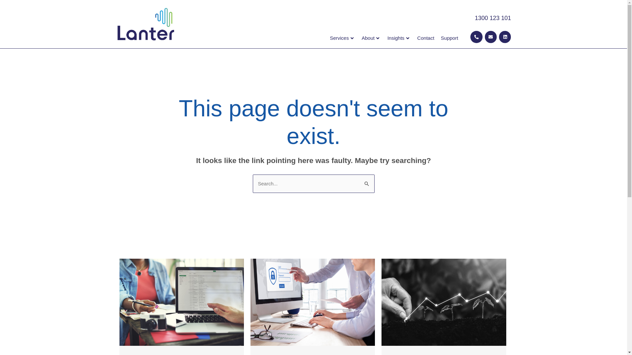 Image resolution: width=632 pixels, height=355 pixels. Describe the element at coordinates (399, 38) in the screenshot. I see `'Insights'` at that location.